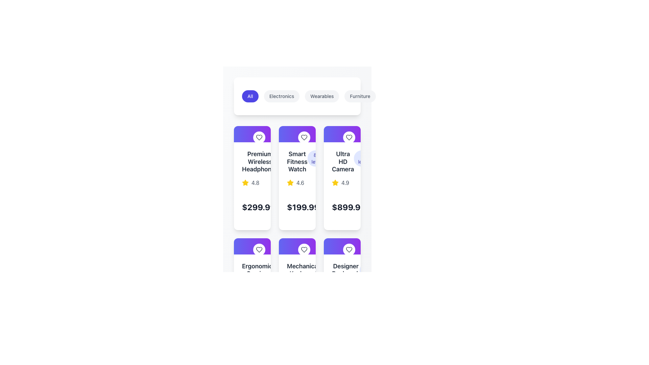 The image size is (649, 365). Describe the element at coordinates (342, 177) in the screenshot. I see `the third product card in the grid` at that location.